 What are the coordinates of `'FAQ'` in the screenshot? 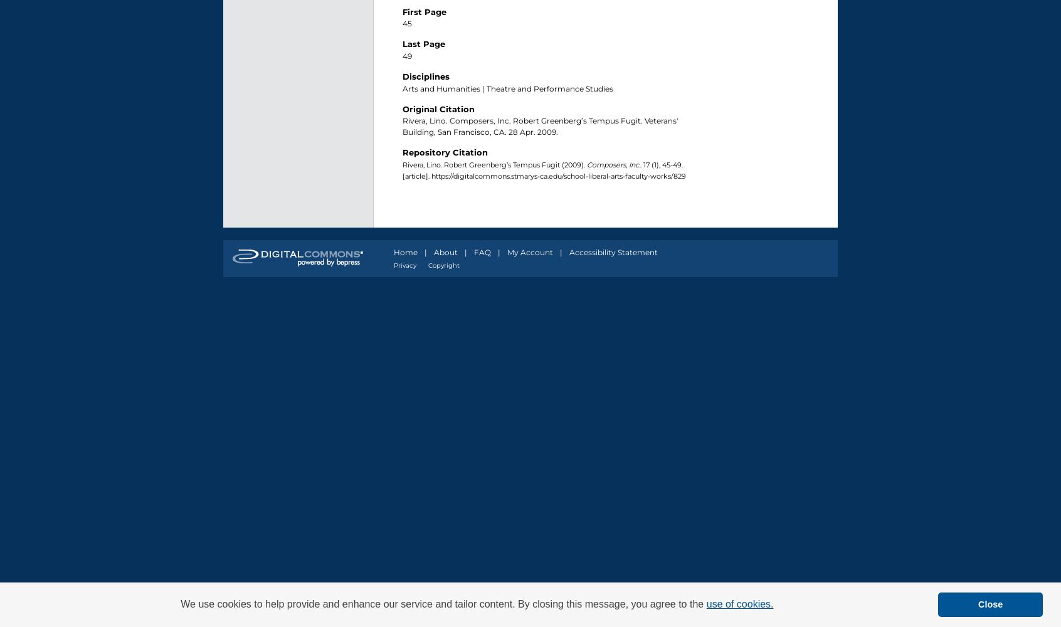 It's located at (482, 251).